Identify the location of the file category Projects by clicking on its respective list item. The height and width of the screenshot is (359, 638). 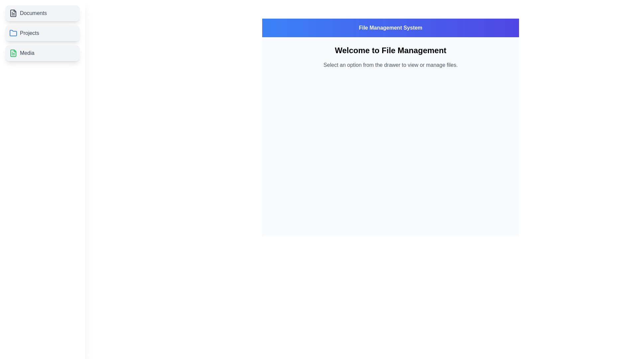
(42, 33).